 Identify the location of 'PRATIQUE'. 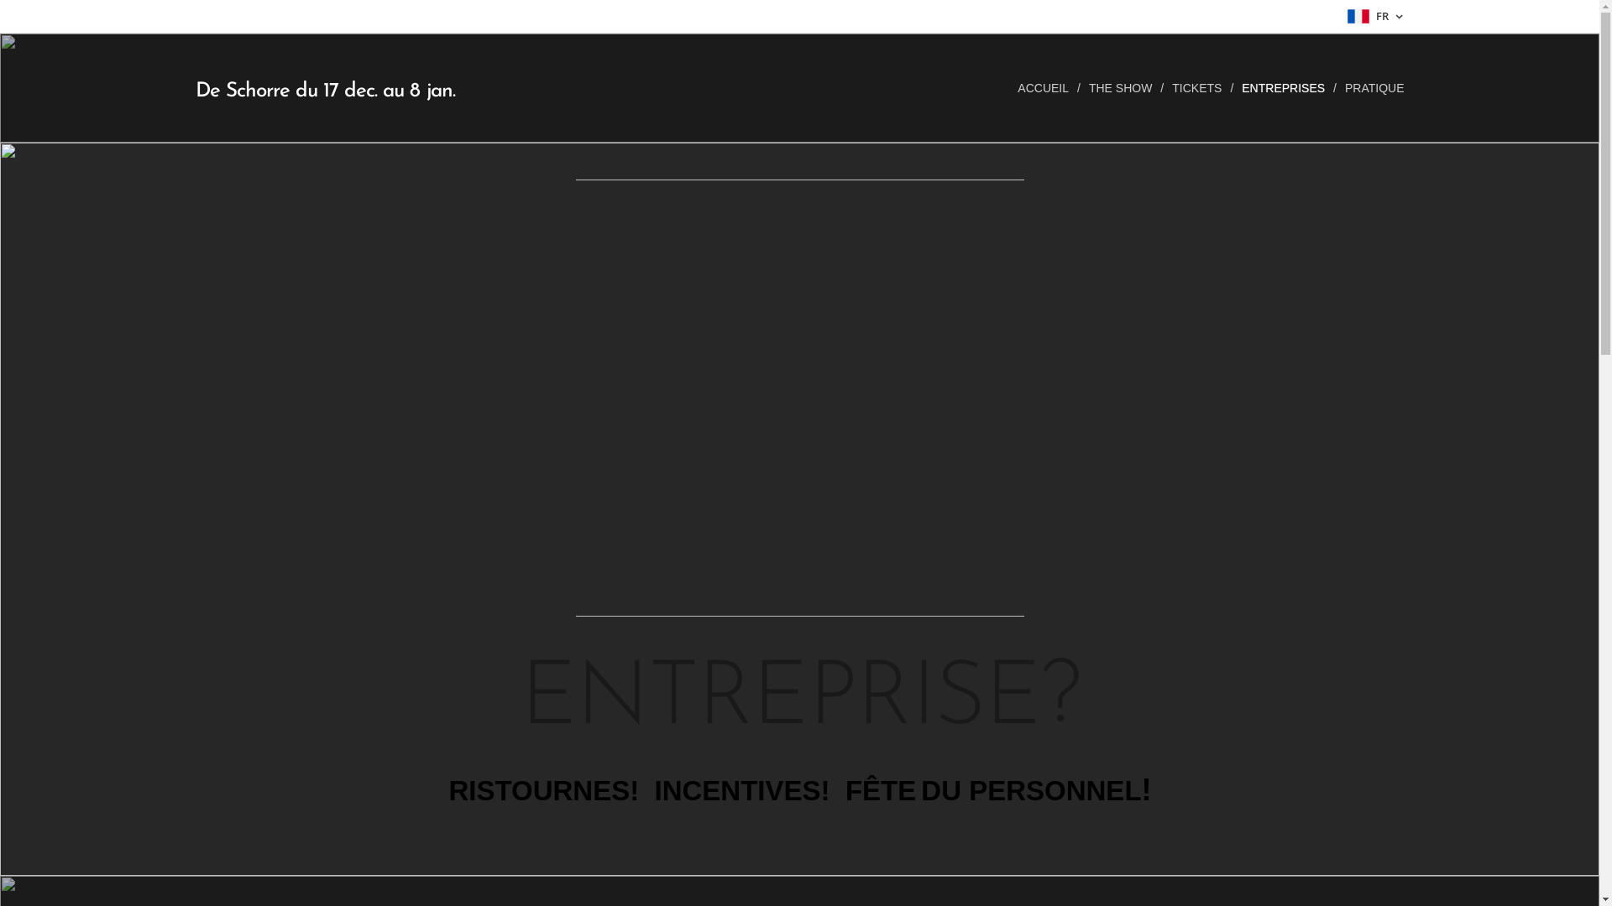
(1370, 87).